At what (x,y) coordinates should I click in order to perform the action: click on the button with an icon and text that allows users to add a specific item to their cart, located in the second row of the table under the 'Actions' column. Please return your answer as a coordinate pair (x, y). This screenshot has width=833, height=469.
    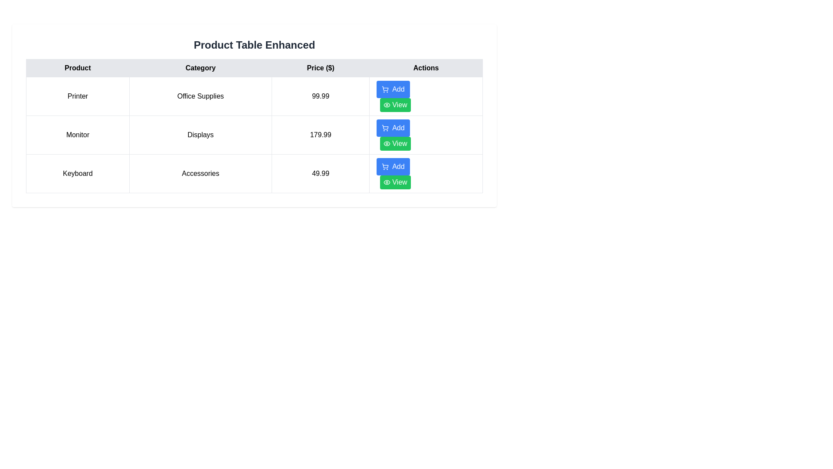
    Looking at the image, I should click on (393, 128).